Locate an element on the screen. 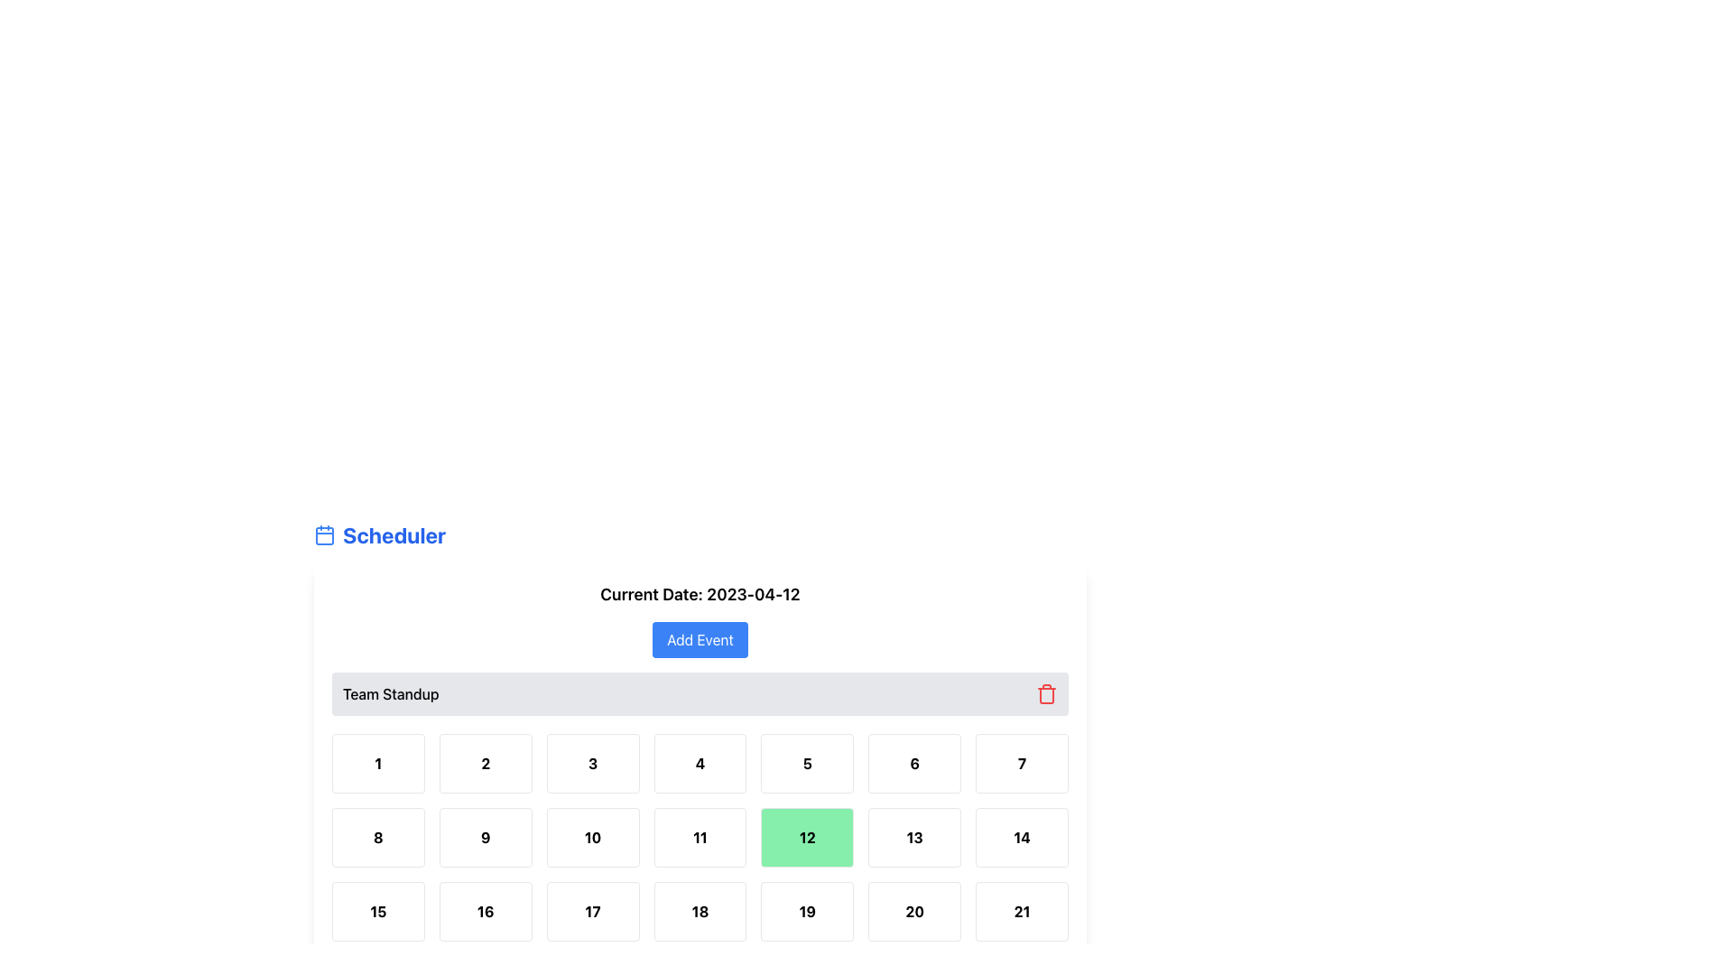 The height and width of the screenshot is (975, 1733). the button representing a date in the calendar grid located in the last column of the third row within the 'Team Standup' section is located at coordinates (1022, 912).